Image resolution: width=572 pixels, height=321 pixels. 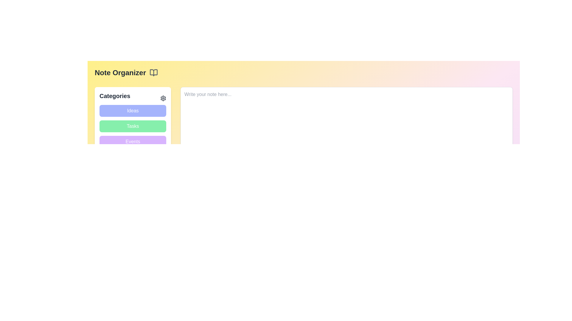 What do you see at coordinates (133, 142) in the screenshot?
I see `the 'Events' button, which is the third button in the vertically stacked group of buttons labeled 'Ideas', 'Tasks', and 'Events'` at bounding box center [133, 142].